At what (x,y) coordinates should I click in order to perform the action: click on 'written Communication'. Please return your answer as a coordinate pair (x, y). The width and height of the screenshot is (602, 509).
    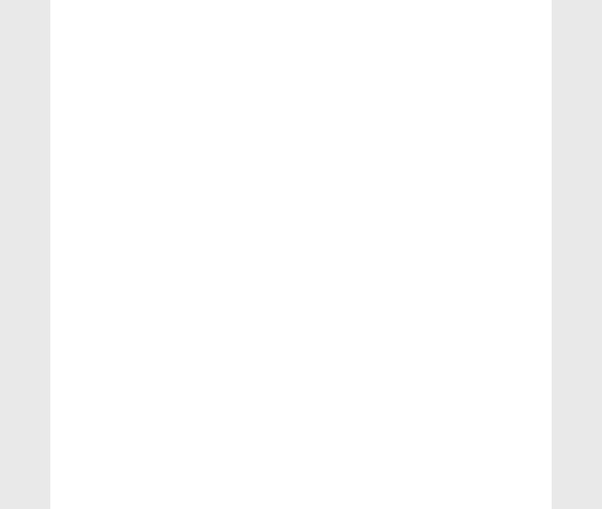
    Looking at the image, I should click on (466, 45).